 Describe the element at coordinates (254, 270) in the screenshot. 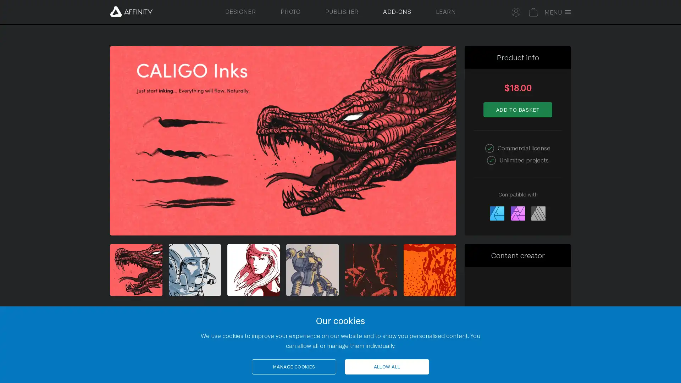

I see `Select to view image 3` at that location.